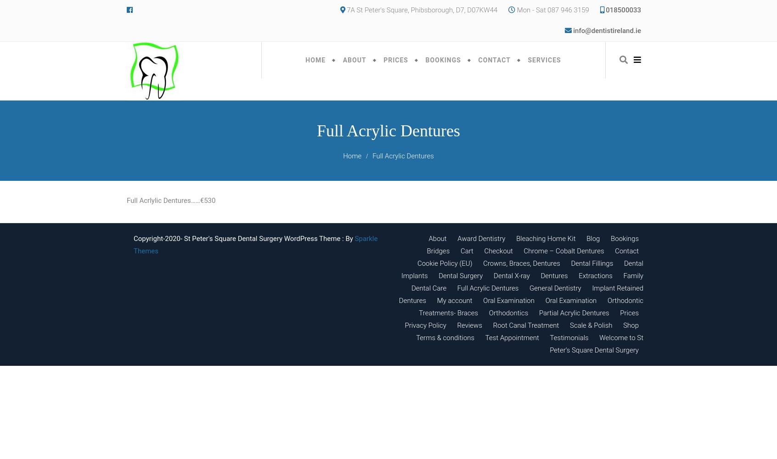 Image resolution: width=777 pixels, height=459 pixels. What do you see at coordinates (126, 201) in the screenshot?
I see `'Full Acrlylic Dentures……€530'` at bounding box center [126, 201].